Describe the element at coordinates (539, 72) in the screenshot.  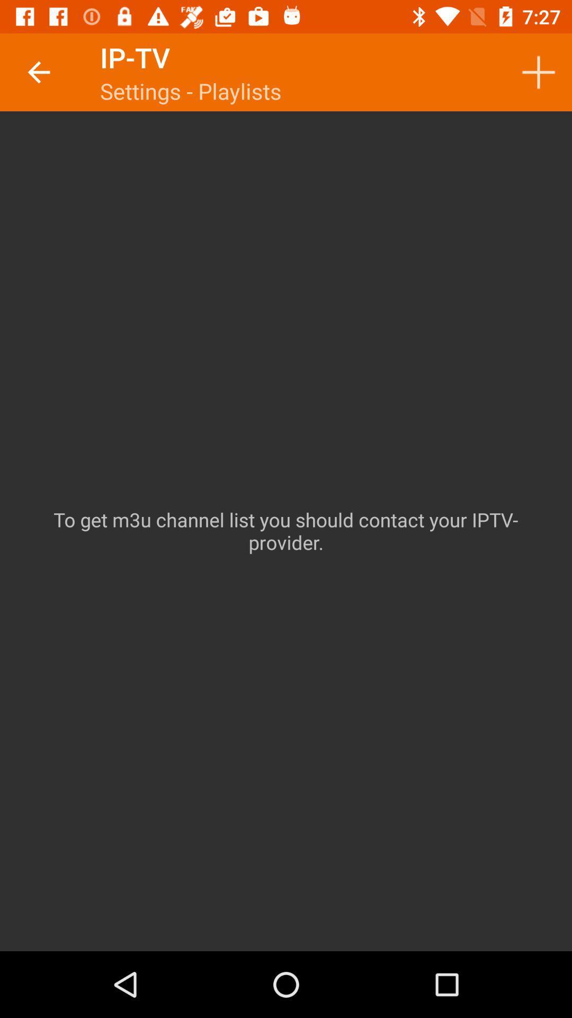
I see `the item at the top right corner` at that location.